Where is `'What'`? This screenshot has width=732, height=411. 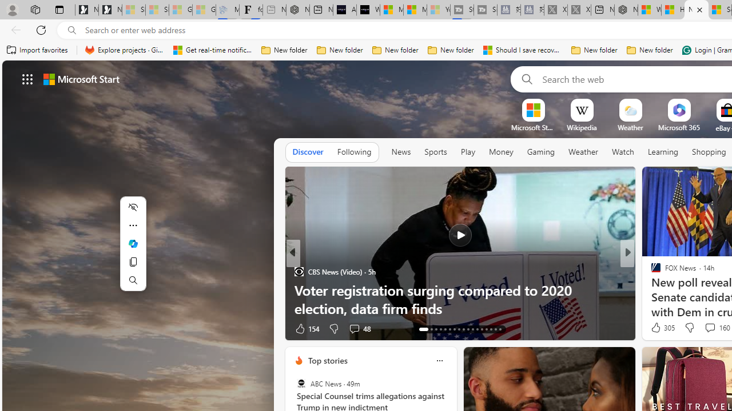
'What' is located at coordinates (368, 10).